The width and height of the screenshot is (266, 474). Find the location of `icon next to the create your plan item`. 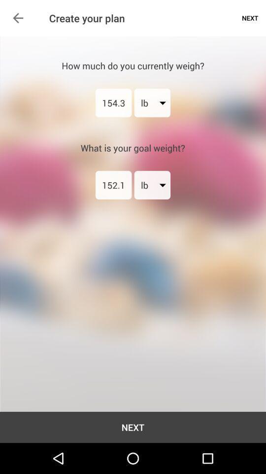

icon next to the create your plan item is located at coordinates (18, 17).